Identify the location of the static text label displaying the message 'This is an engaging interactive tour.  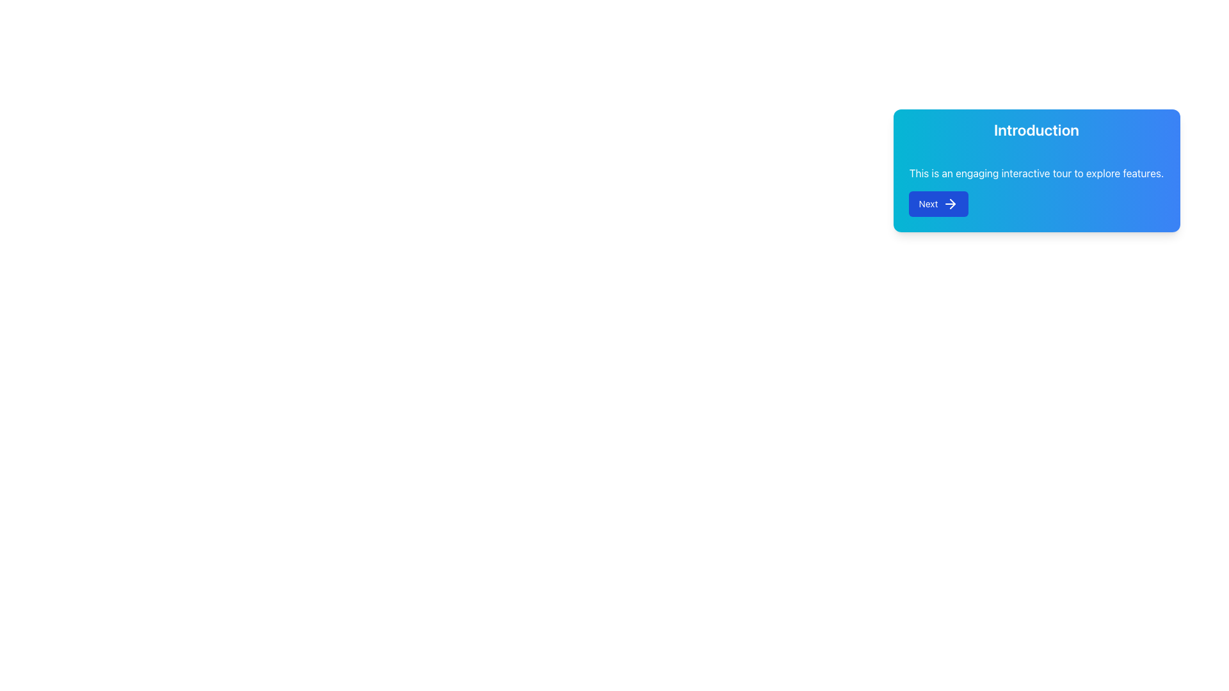
(1036, 173).